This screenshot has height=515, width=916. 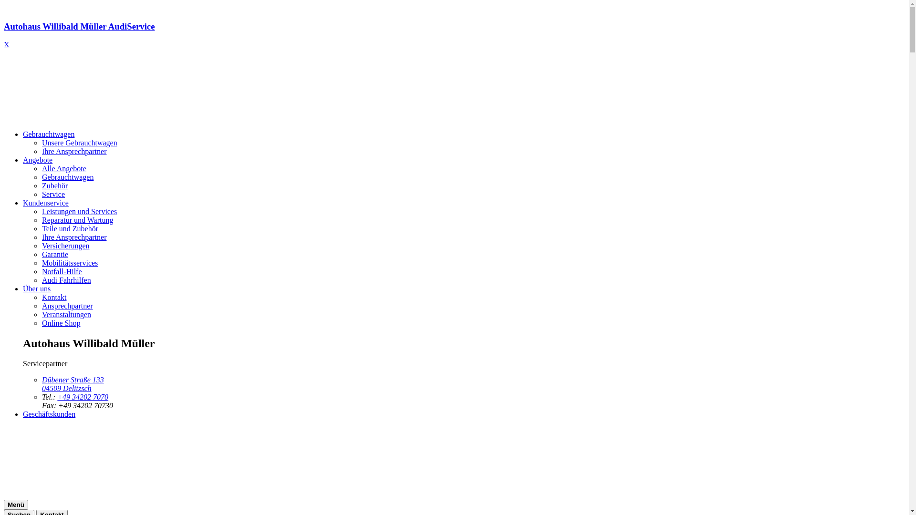 I want to click on 'Angebote', so click(x=37, y=159).